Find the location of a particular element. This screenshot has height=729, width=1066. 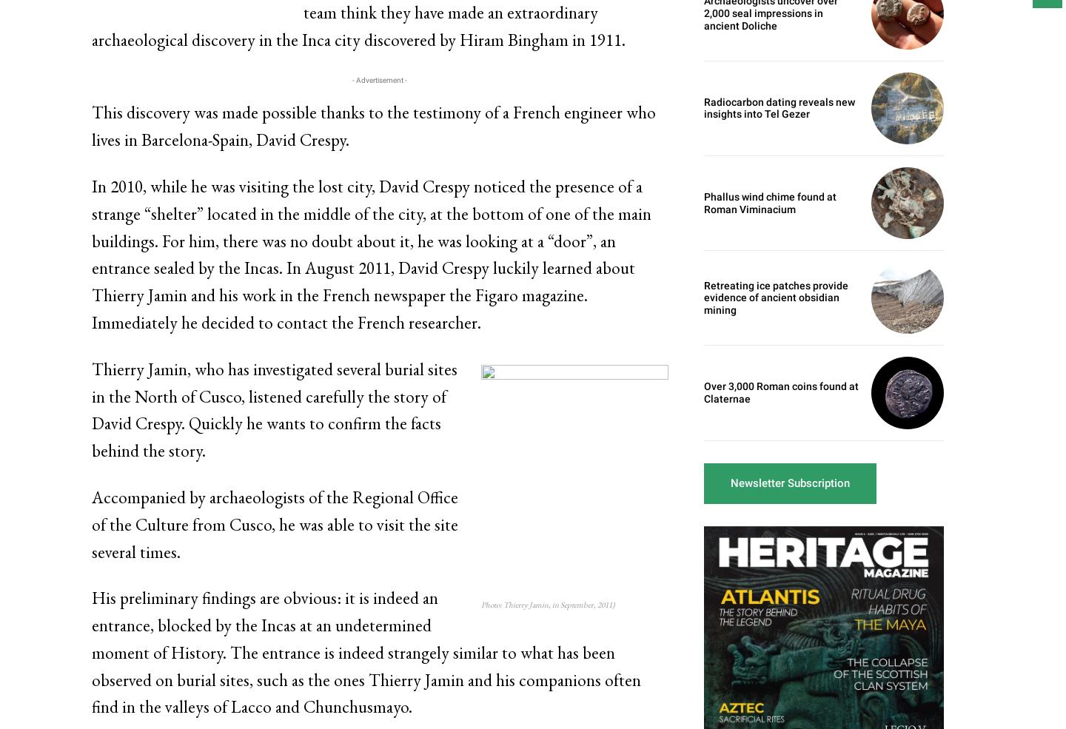

'Photo: Thierry Jamin, in September, 2011)' is located at coordinates (546, 602).